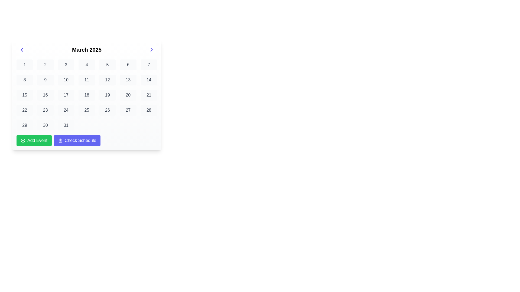 The image size is (520, 292). What do you see at coordinates (45, 110) in the screenshot?
I see `the Text display element representing the 23rd day in the calendar grid cell located in the fourth cell of the fifth row` at bounding box center [45, 110].